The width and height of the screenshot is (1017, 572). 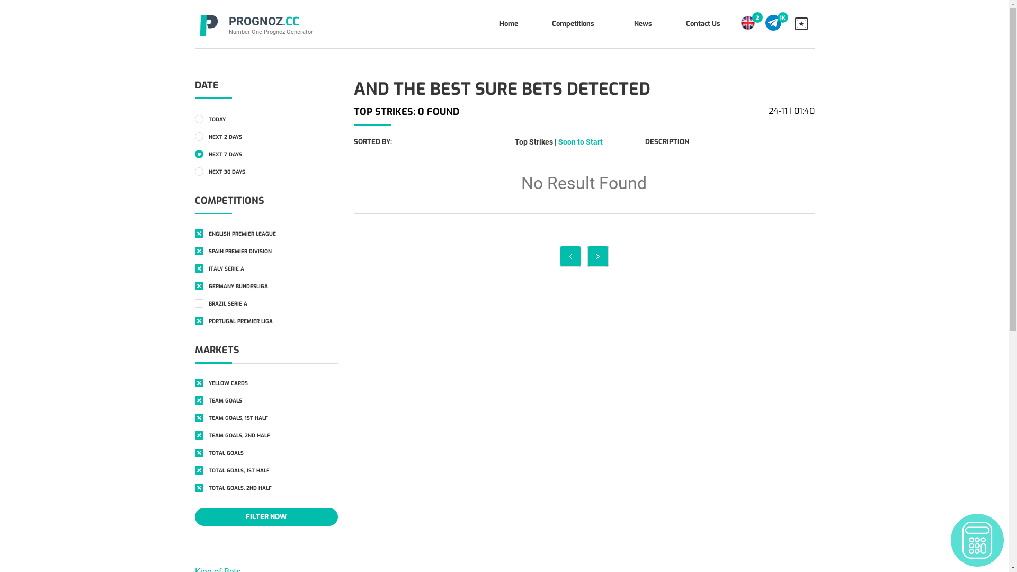 I want to click on 'News', so click(x=616, y=24).